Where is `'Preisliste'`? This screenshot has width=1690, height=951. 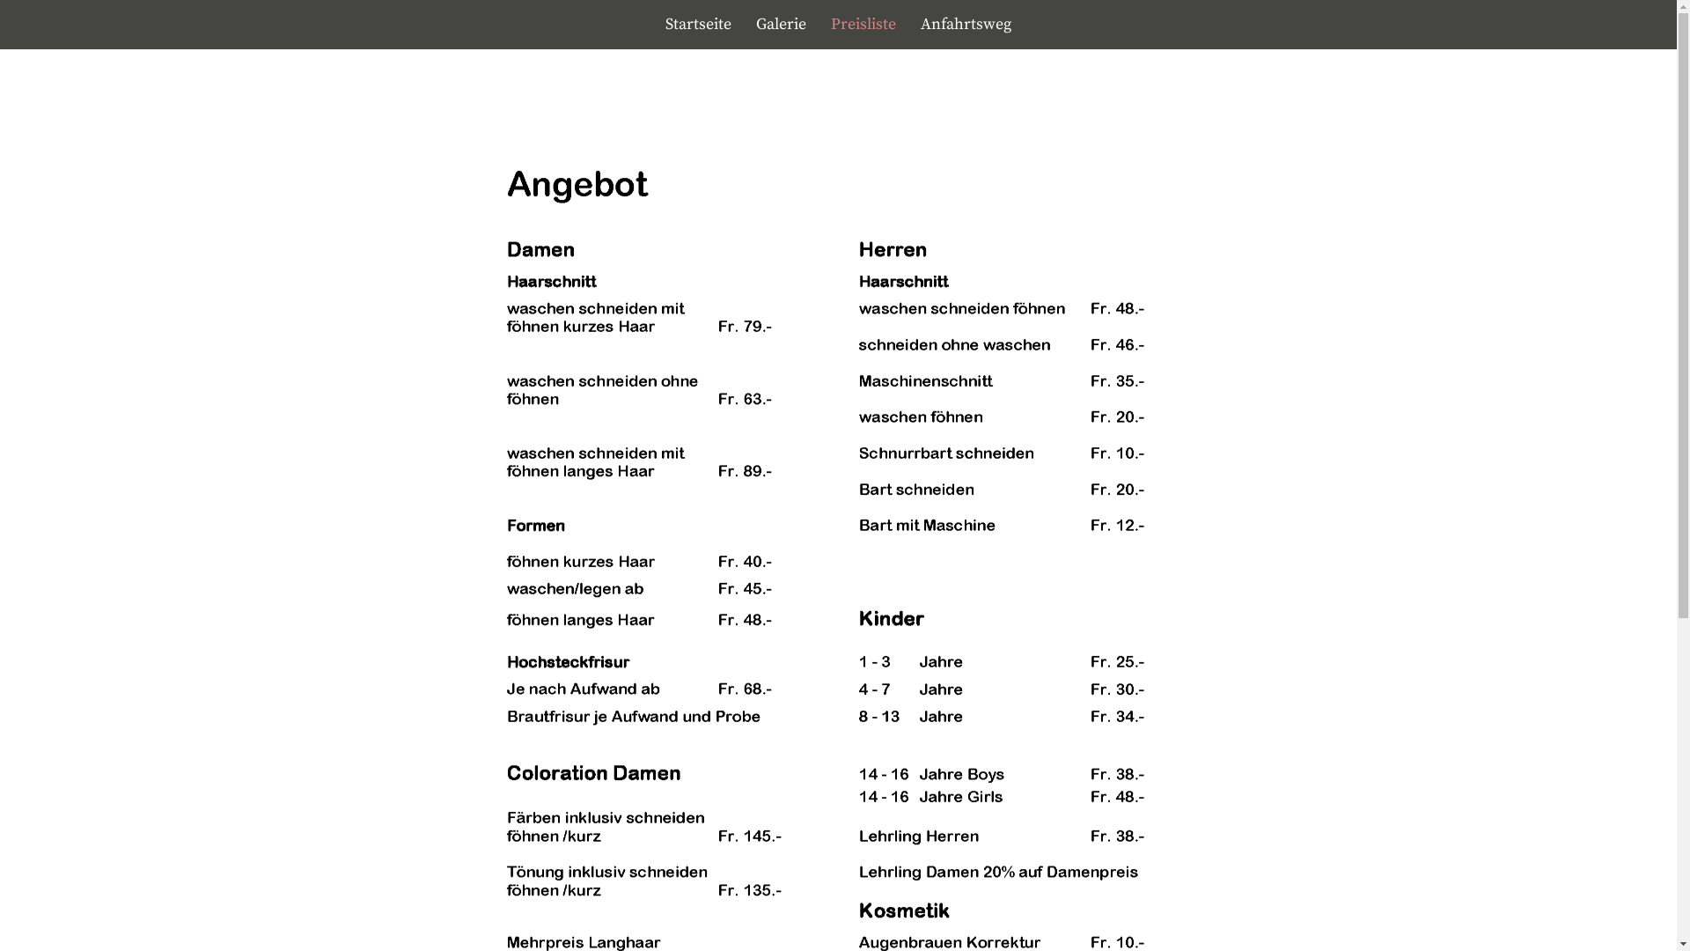
'Preisliste' is located at coordinates (819, 24).